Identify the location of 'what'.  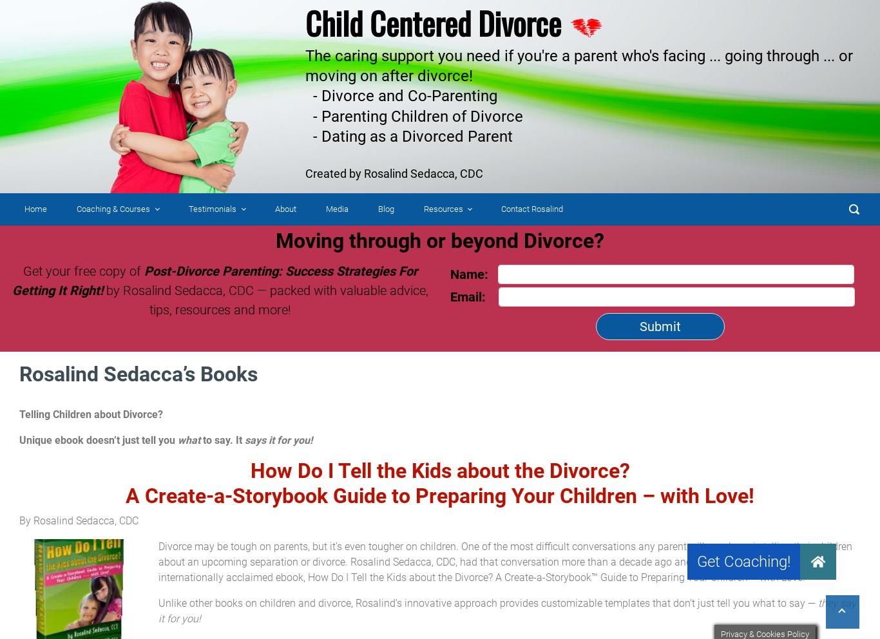
(189, 439).